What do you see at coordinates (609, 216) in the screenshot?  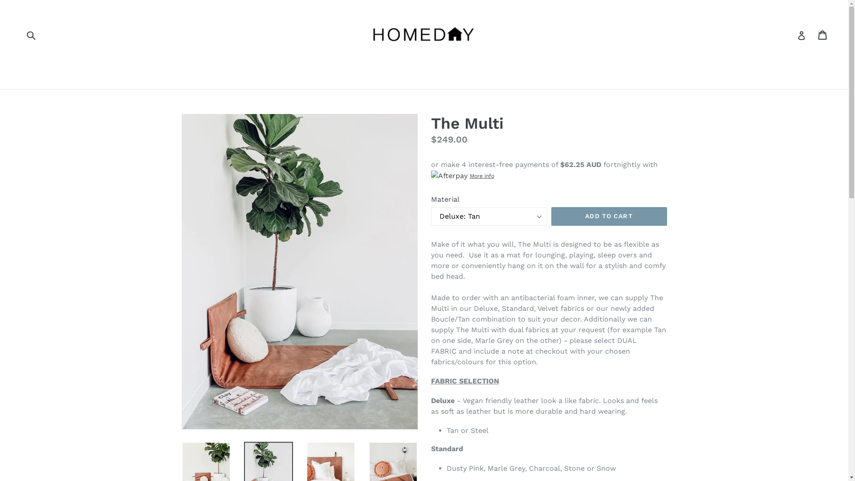 I see `'ADD TO CART'` at bounding box center [609, 216].